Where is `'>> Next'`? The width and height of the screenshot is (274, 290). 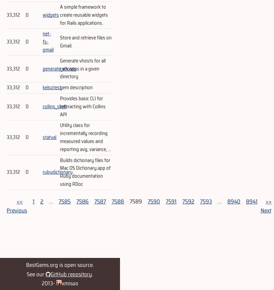
'>> Next' is located at coordinates (266, 206).